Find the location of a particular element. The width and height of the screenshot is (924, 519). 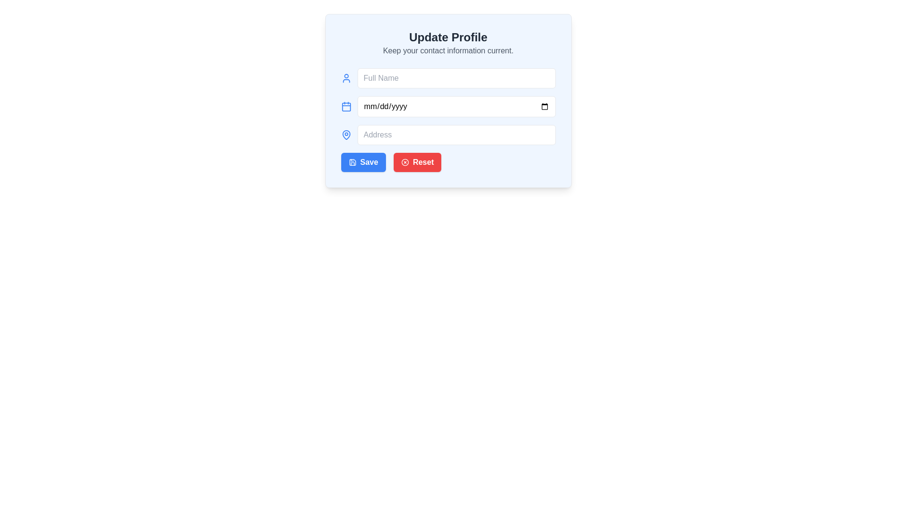

the 'Reset' button which has a red background, white text, and a rounded border, located to the right of the 'Save' button in the dialog interface is located at coordinates (417, 162).